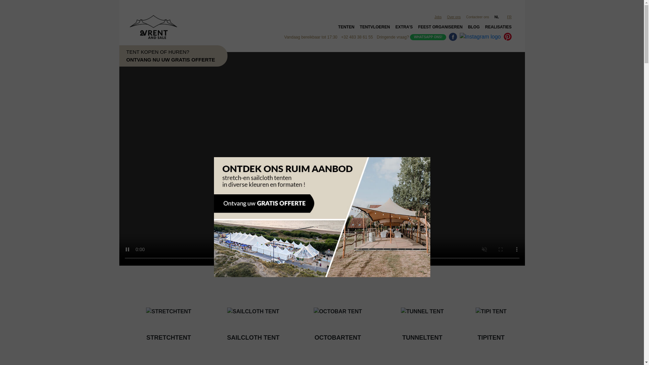  I want to click on 'NL', so click(491, 17).